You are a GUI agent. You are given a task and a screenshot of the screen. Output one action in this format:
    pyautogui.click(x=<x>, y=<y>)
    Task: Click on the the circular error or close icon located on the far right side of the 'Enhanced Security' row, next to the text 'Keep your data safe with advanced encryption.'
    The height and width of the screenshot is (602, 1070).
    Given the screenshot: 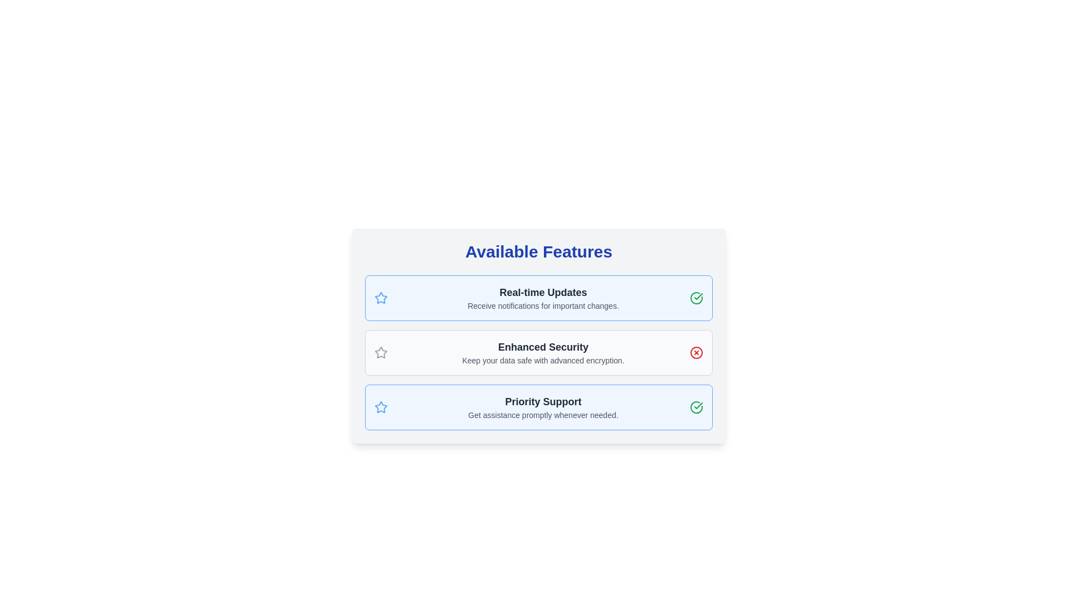 What is the action you would take?
    pyautogui.click(x=695, y=352)
    